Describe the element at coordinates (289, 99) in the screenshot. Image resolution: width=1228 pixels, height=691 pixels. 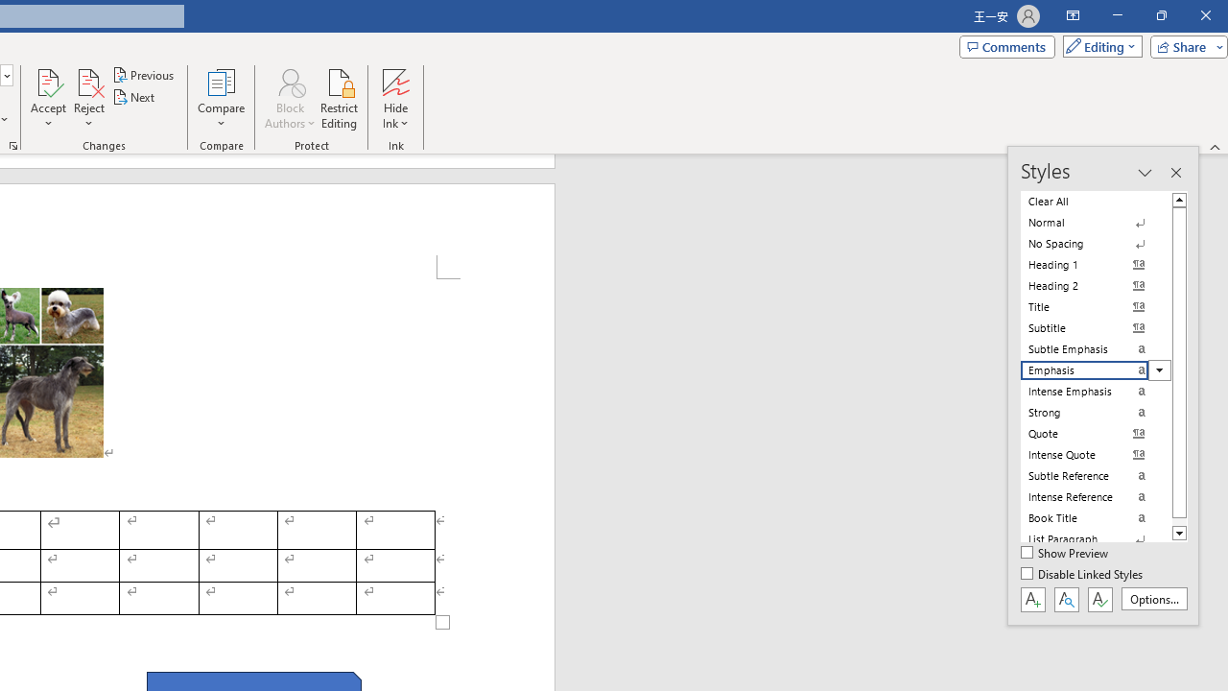
I see `'Block Authors'` at that location.